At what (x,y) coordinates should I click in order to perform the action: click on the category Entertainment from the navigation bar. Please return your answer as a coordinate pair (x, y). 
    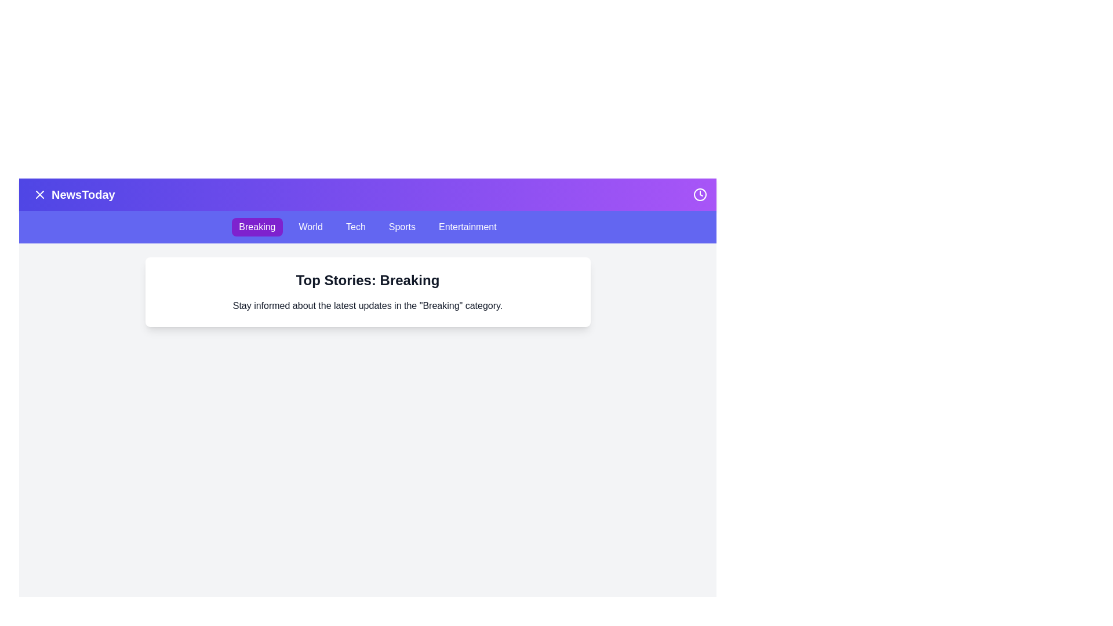
    Looking at the image, I should click on (467, 227).